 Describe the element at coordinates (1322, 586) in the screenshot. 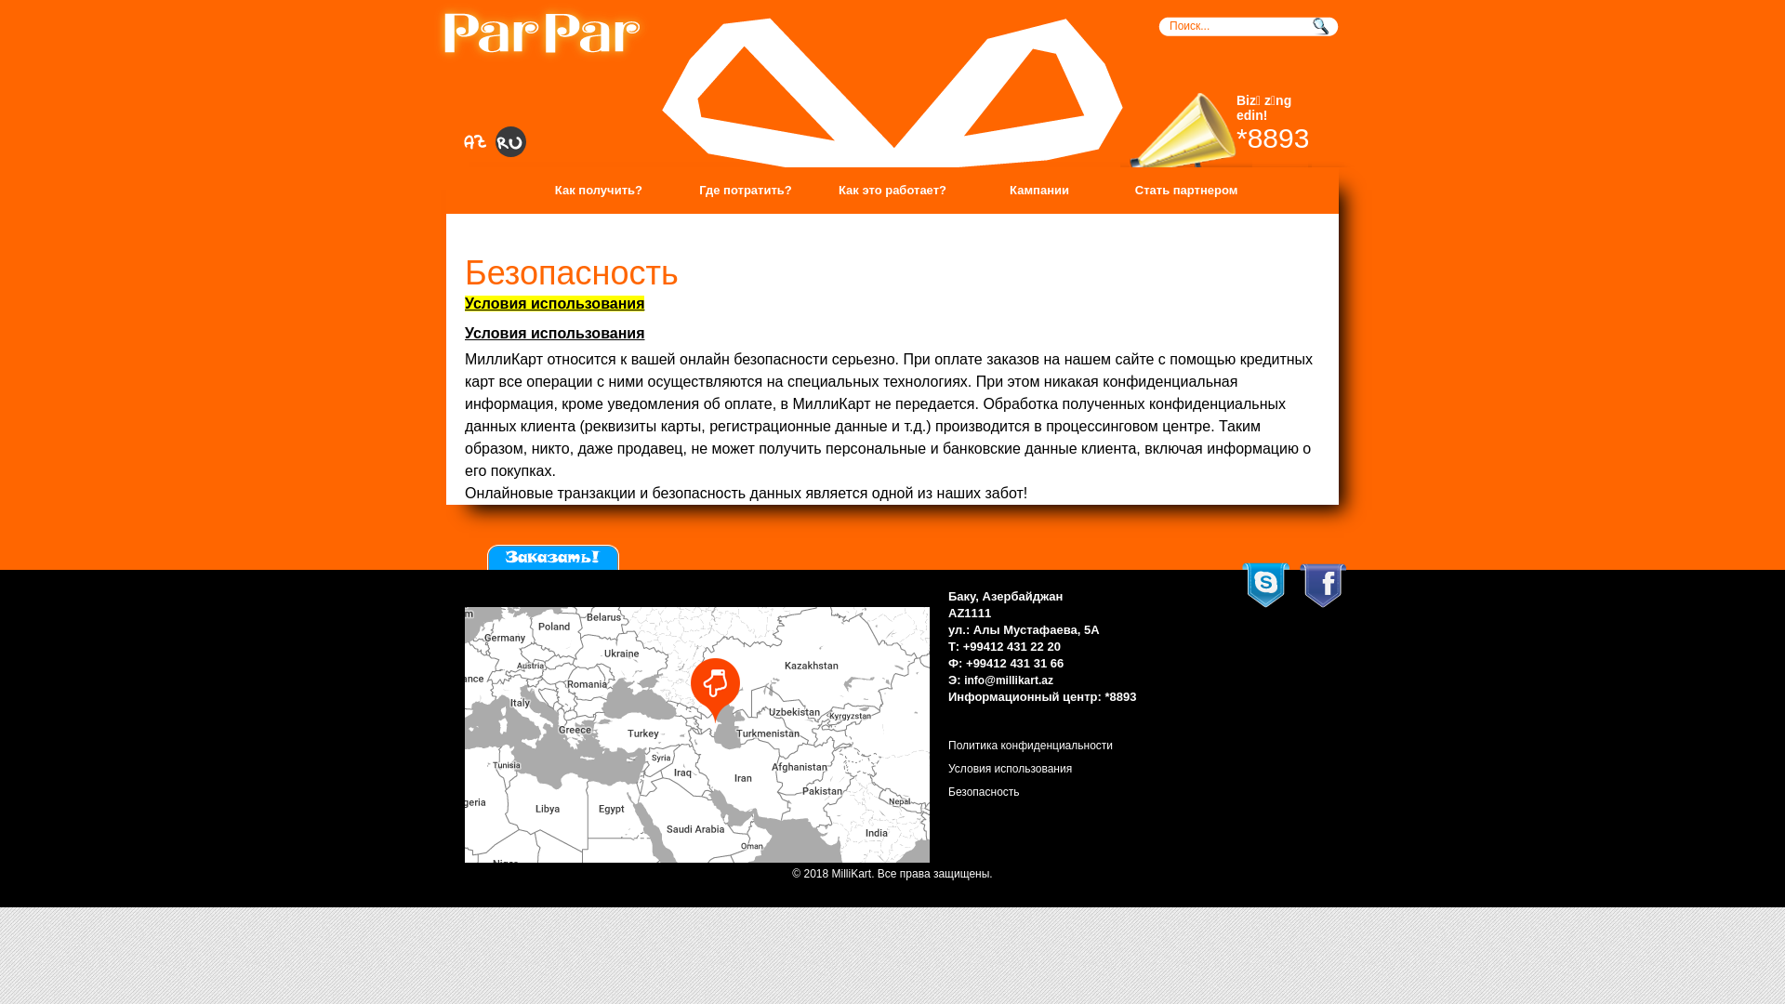

I see `'Facebook'` at that location.